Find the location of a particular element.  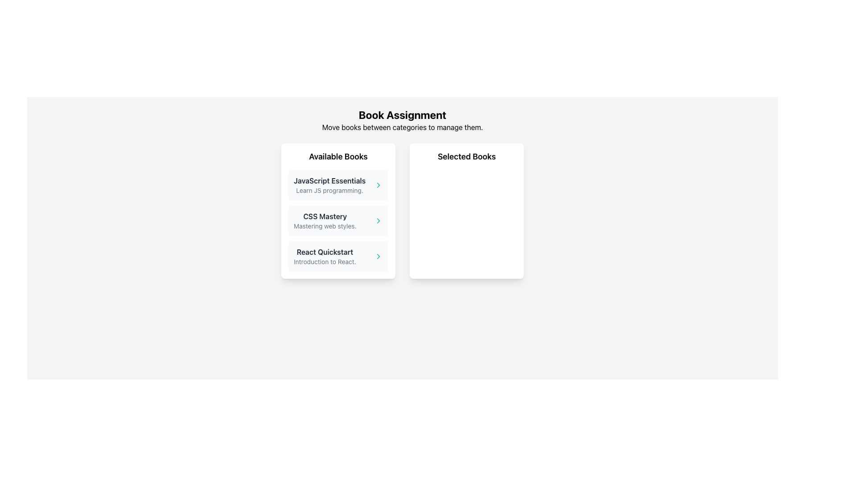

the text label for the book 'CSS Mastery', which is the first line of the second item in the 'Available Books' list is located at coordinates (325, 216).